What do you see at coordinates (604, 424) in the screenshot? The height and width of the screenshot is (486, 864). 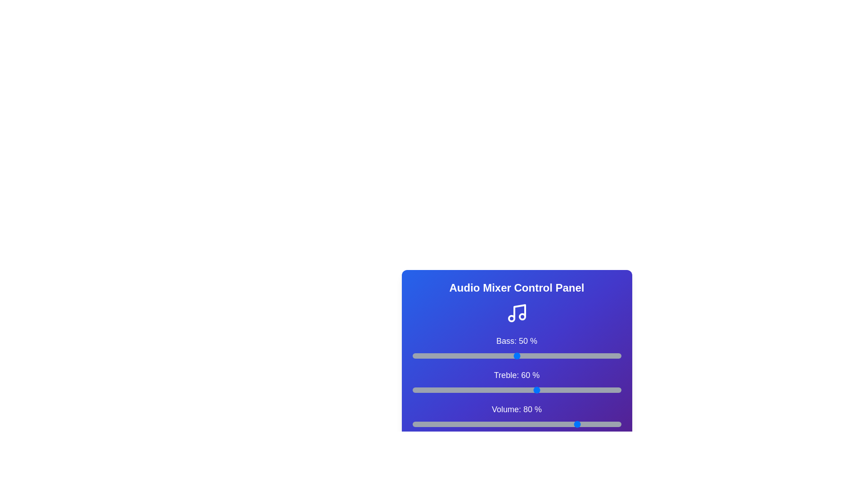 I see `the volume slider to 92%` at bounding box center [604, 424].